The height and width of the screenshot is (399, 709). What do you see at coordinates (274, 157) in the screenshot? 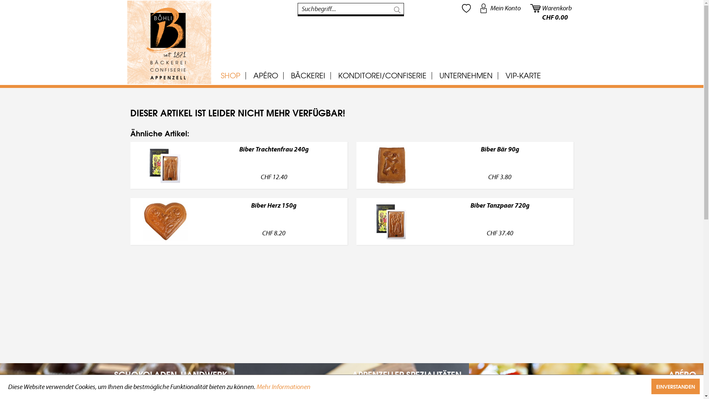
I see `'Biber Trachtenfrau 240g'` at bounding box center [274, 157].